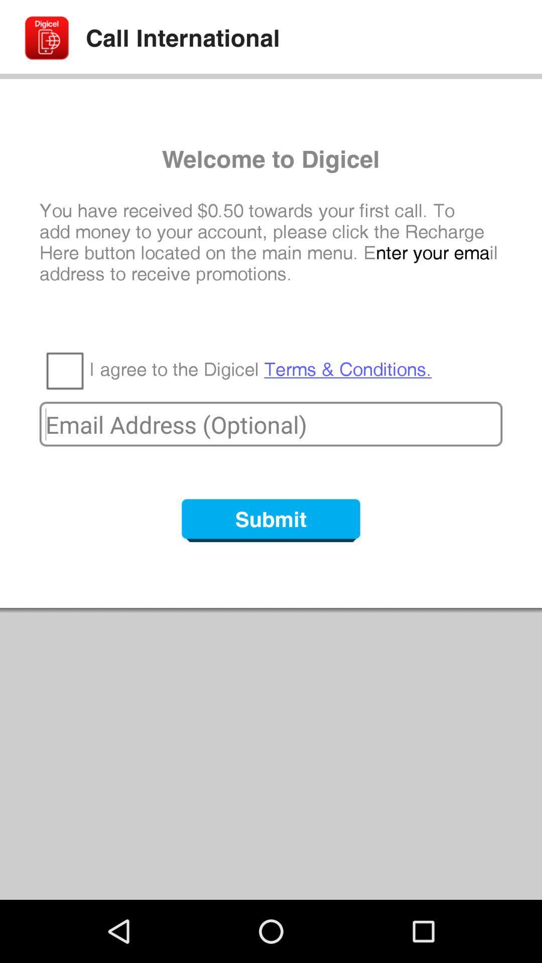  I want to click on the i agree to icon, so click(260, 369).